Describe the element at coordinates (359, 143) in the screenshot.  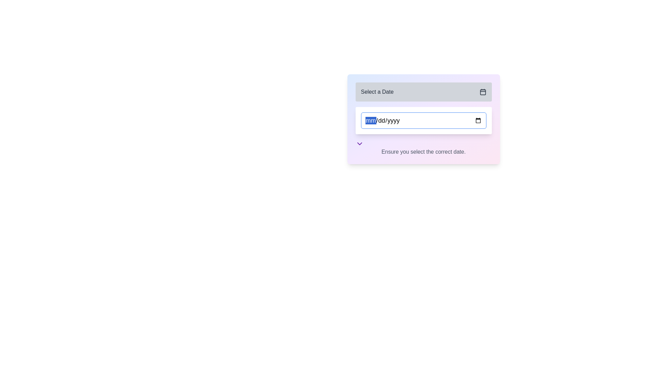
I see `the purple downward-pointing chevron icon located beneath the date input field, which serves as a dropdown indicator` at that location.